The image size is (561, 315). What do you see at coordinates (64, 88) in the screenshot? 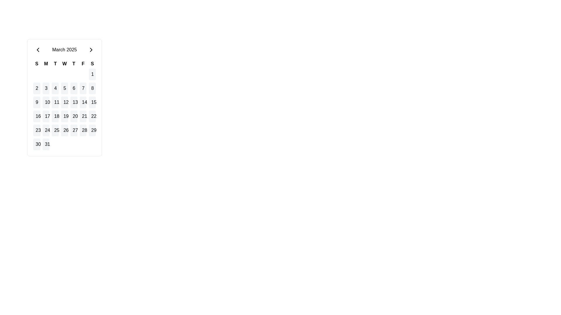
I see `the button` at bounding box center [64, 88].